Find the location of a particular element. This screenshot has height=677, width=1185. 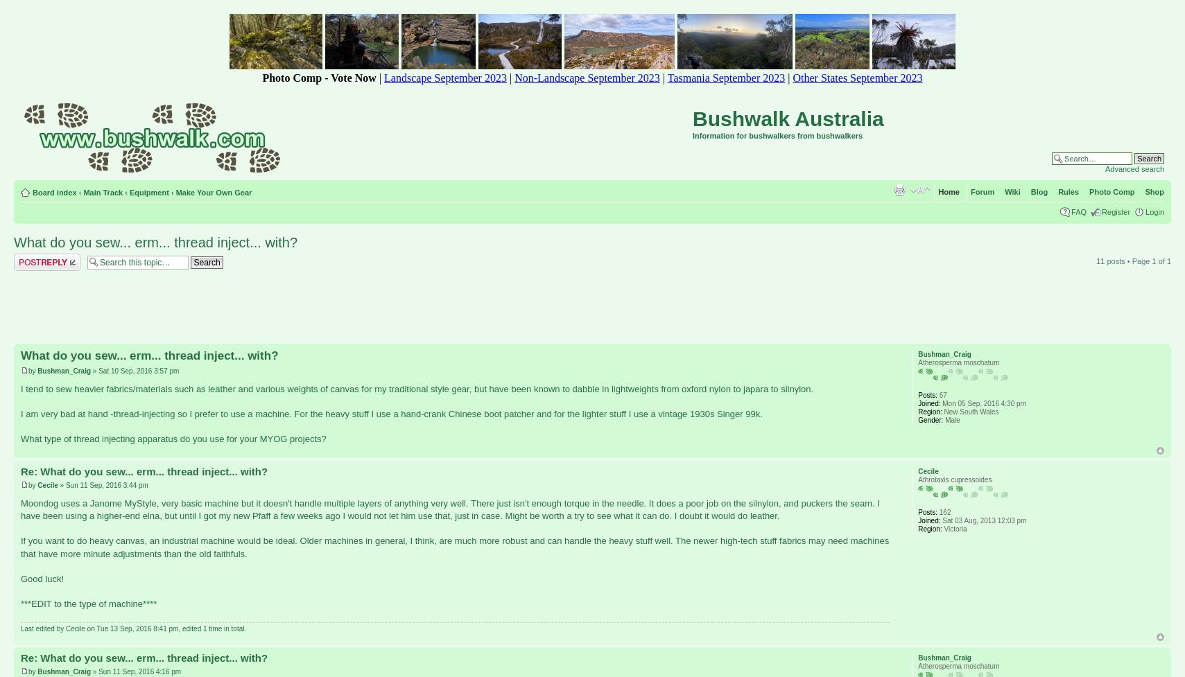

'Male' is located at coordinates (951, 419).